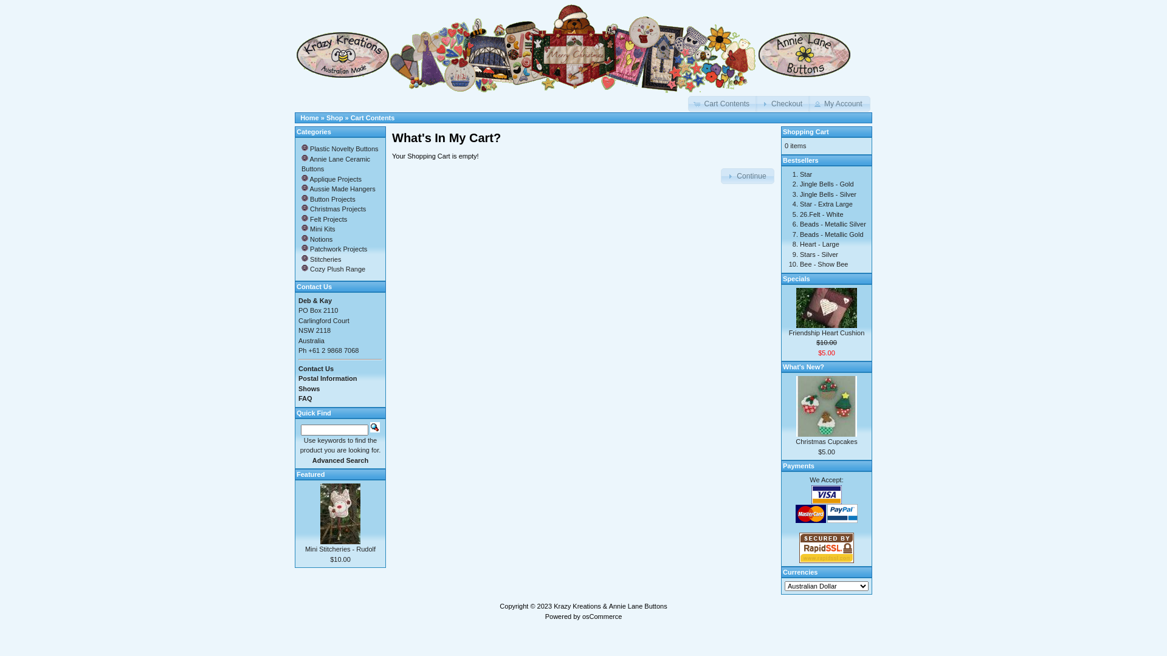 This screenshot has height=656, width=1167. Describe the element at coordinates (340, 460) in the screenshot. I see `'Advanced Search'` at that location.